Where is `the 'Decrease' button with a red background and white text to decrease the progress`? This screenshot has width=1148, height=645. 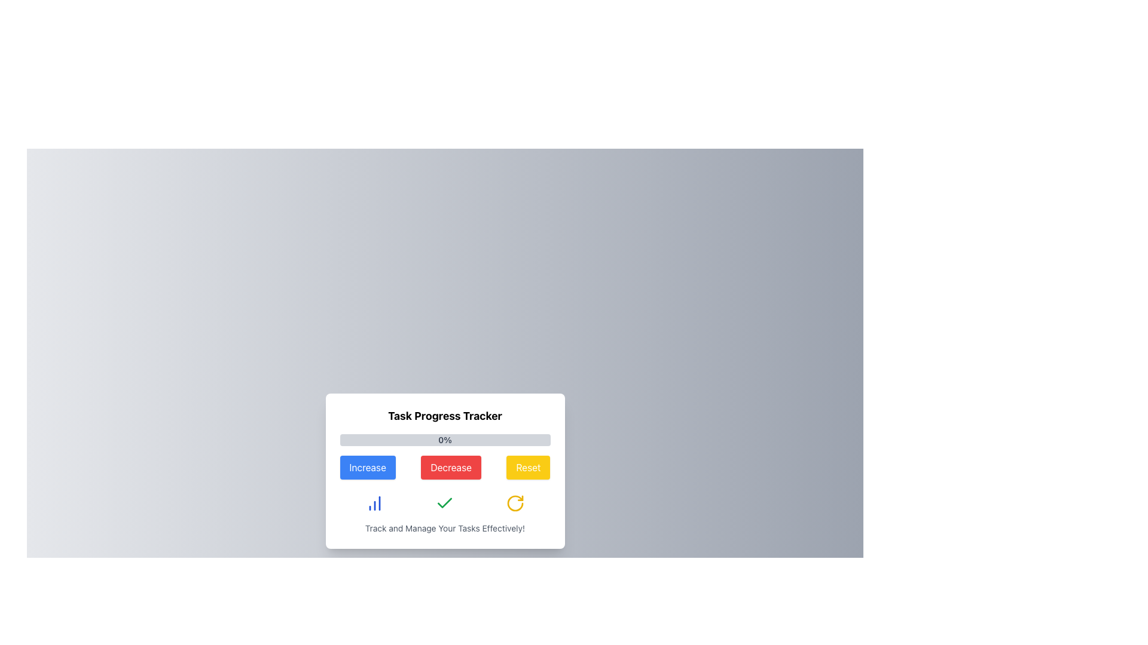 the 'Decrease' button with a red background and white text to decrease the progress is located at coordinates (444, 471).